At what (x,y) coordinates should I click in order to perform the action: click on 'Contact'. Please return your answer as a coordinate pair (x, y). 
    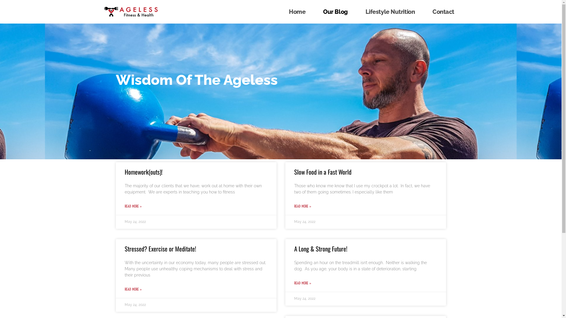
    Looking at the image, I should click on (443, 11).